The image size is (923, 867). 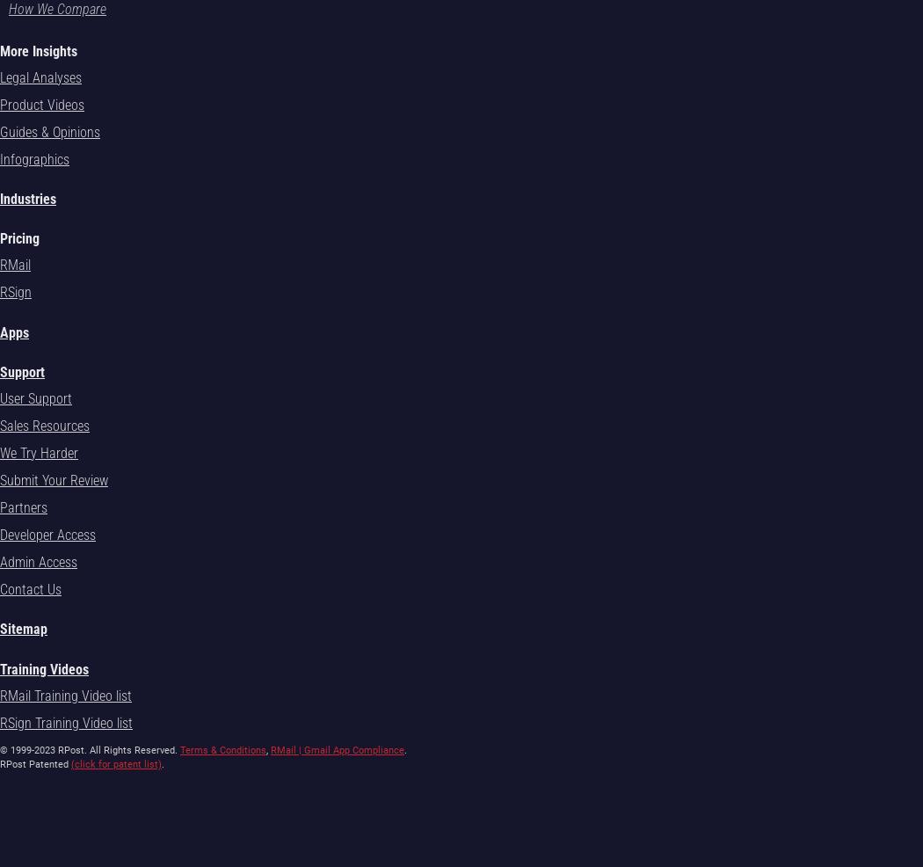 What do you see at coordinates (19, 238) in the screenshot?
I see `'Pricing'` at bounding box center [19, 238].